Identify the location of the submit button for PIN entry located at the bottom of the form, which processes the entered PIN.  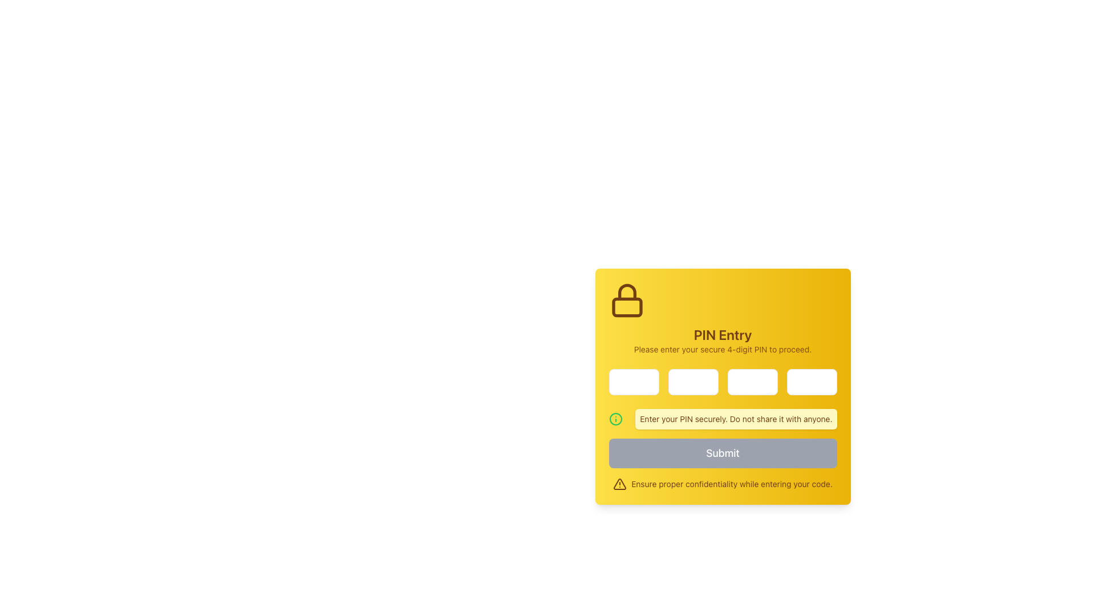
(722, 452).